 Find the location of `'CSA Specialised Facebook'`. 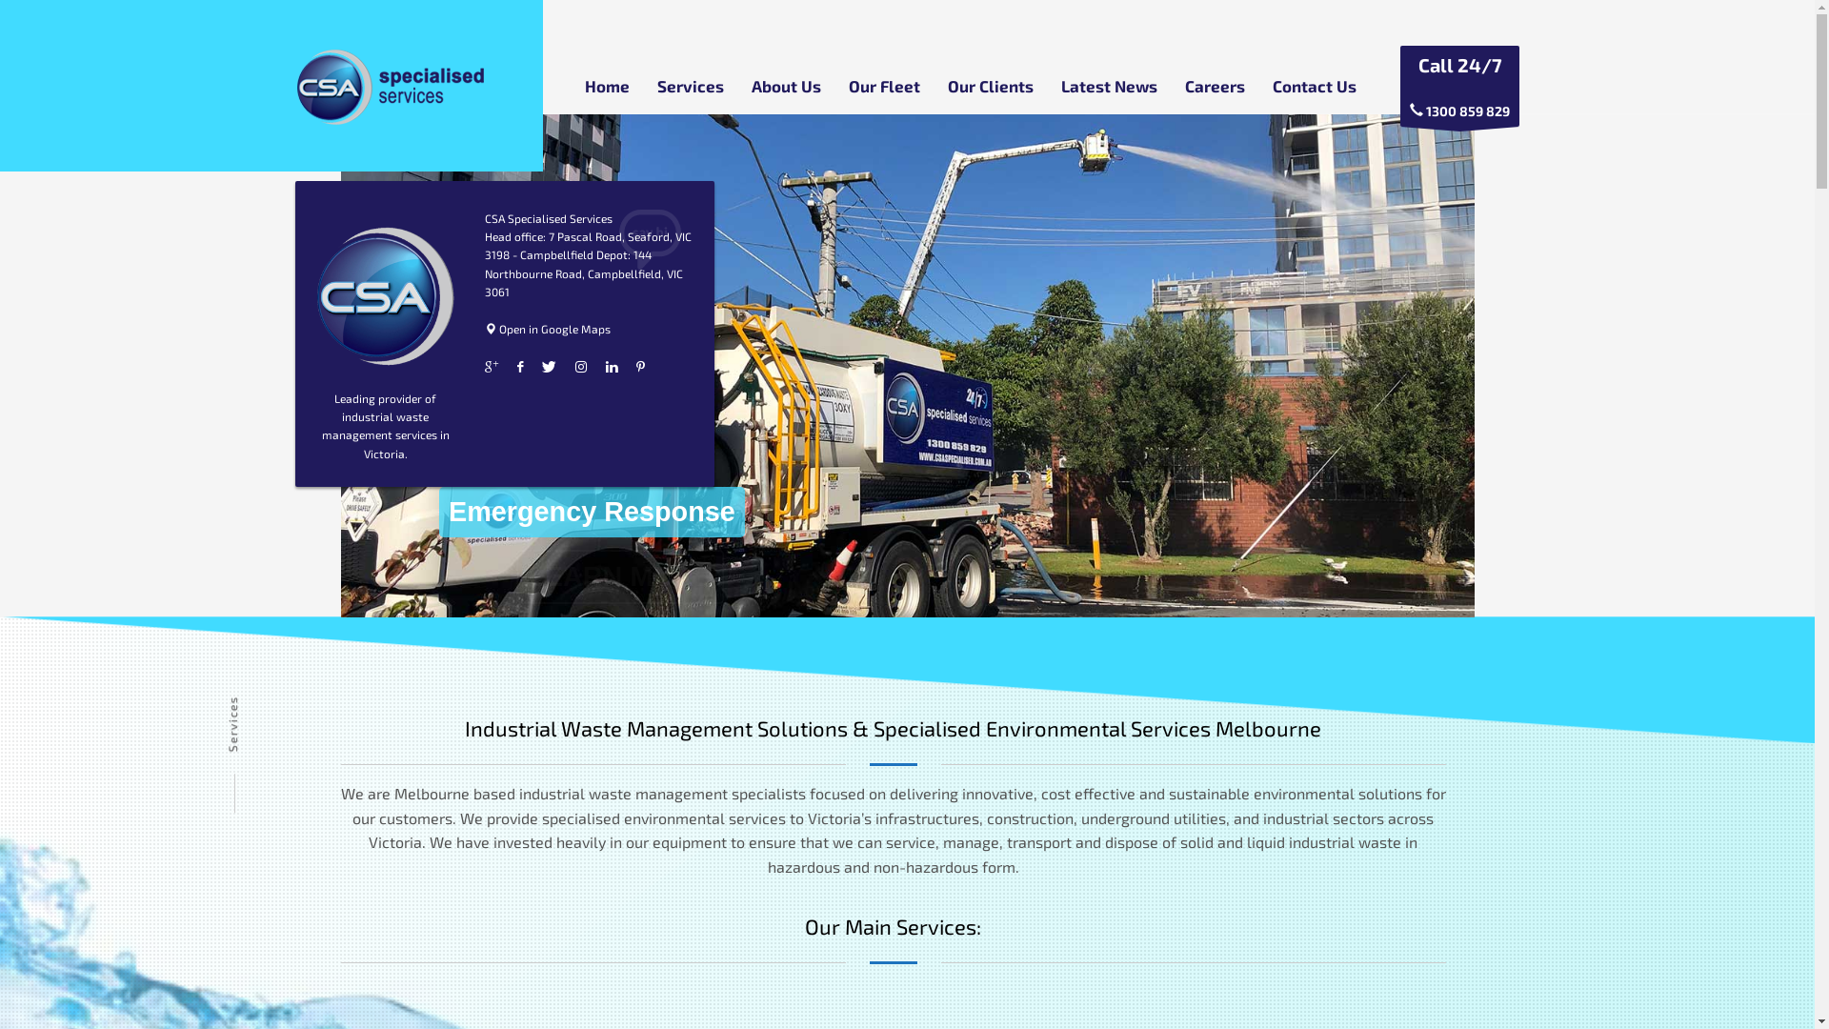

'CSA Specialised Facebook' is located at coordinates (520, 367).